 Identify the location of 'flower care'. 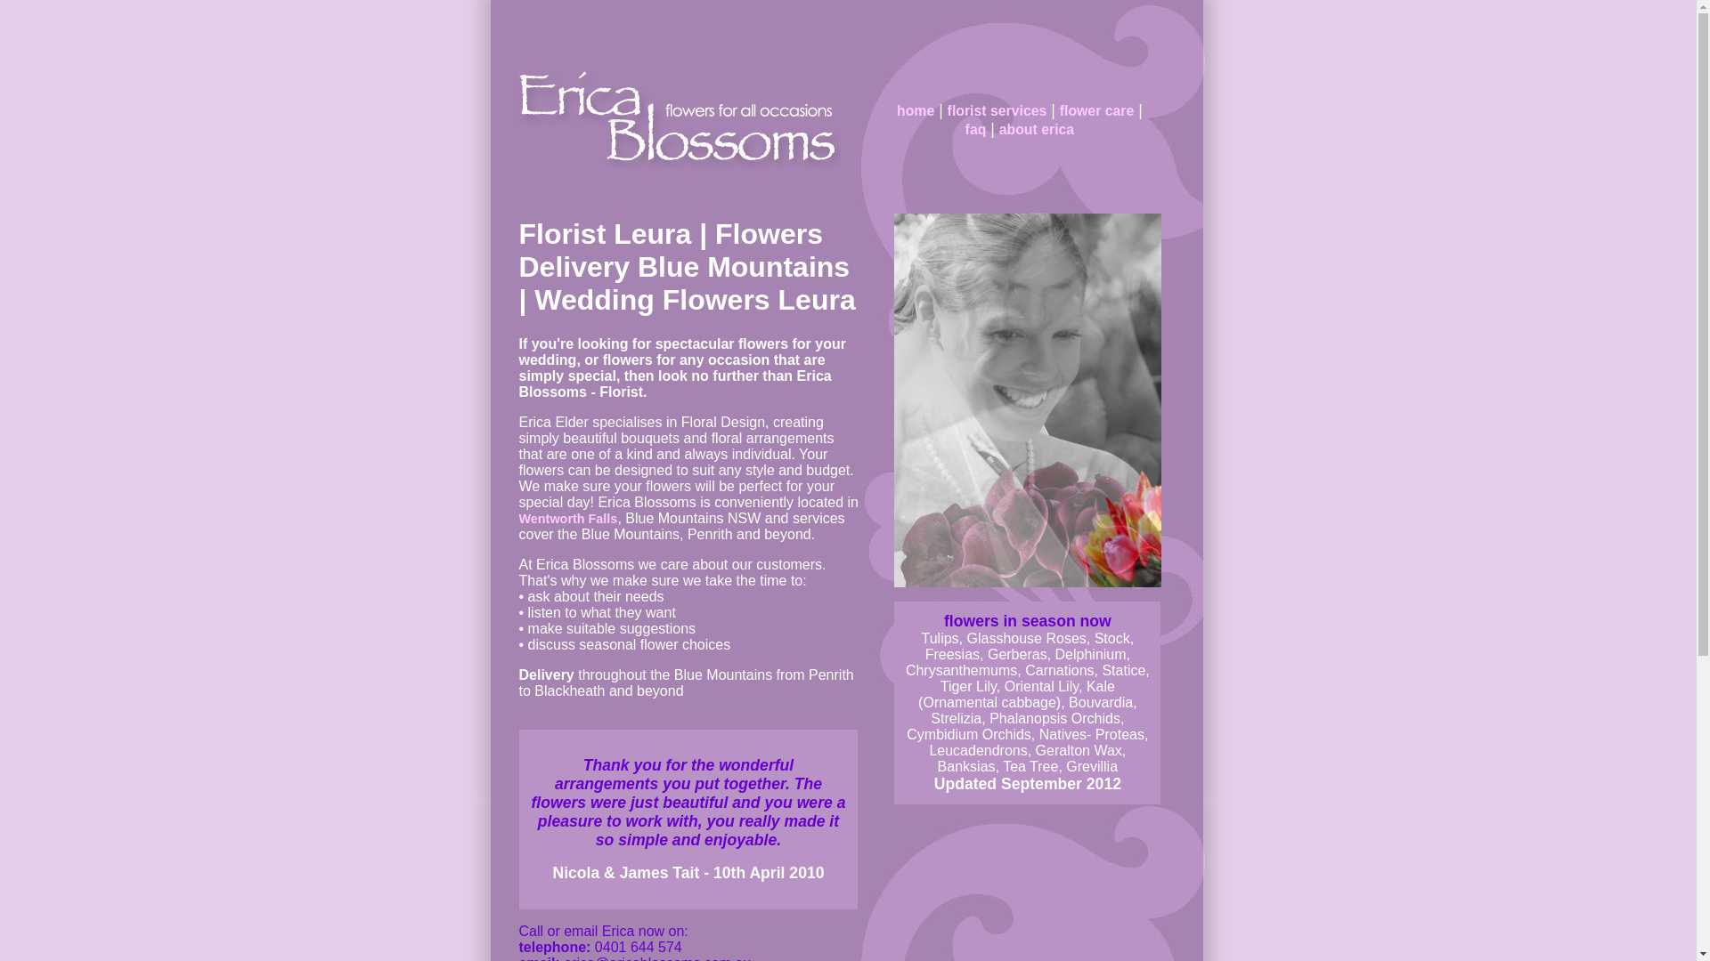
(1096, 110).